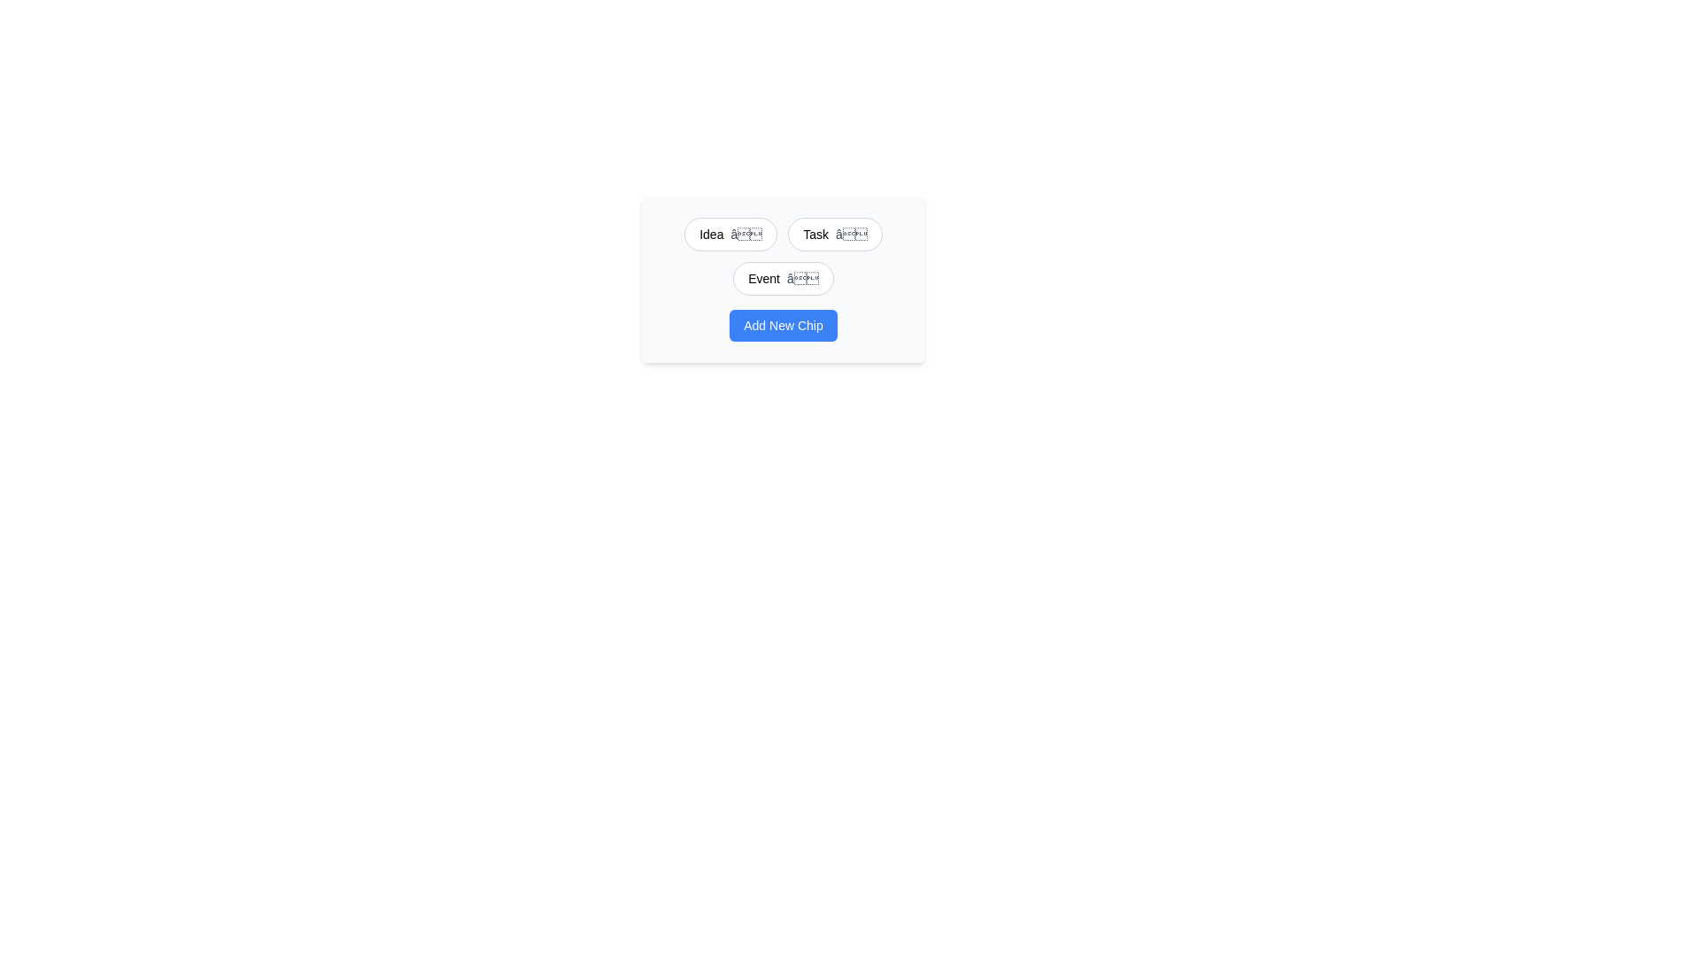 This screenshot has width=1700, height=956. I want to click on close button of the chip labeled 'Event' to remove it, so click(801, 279).